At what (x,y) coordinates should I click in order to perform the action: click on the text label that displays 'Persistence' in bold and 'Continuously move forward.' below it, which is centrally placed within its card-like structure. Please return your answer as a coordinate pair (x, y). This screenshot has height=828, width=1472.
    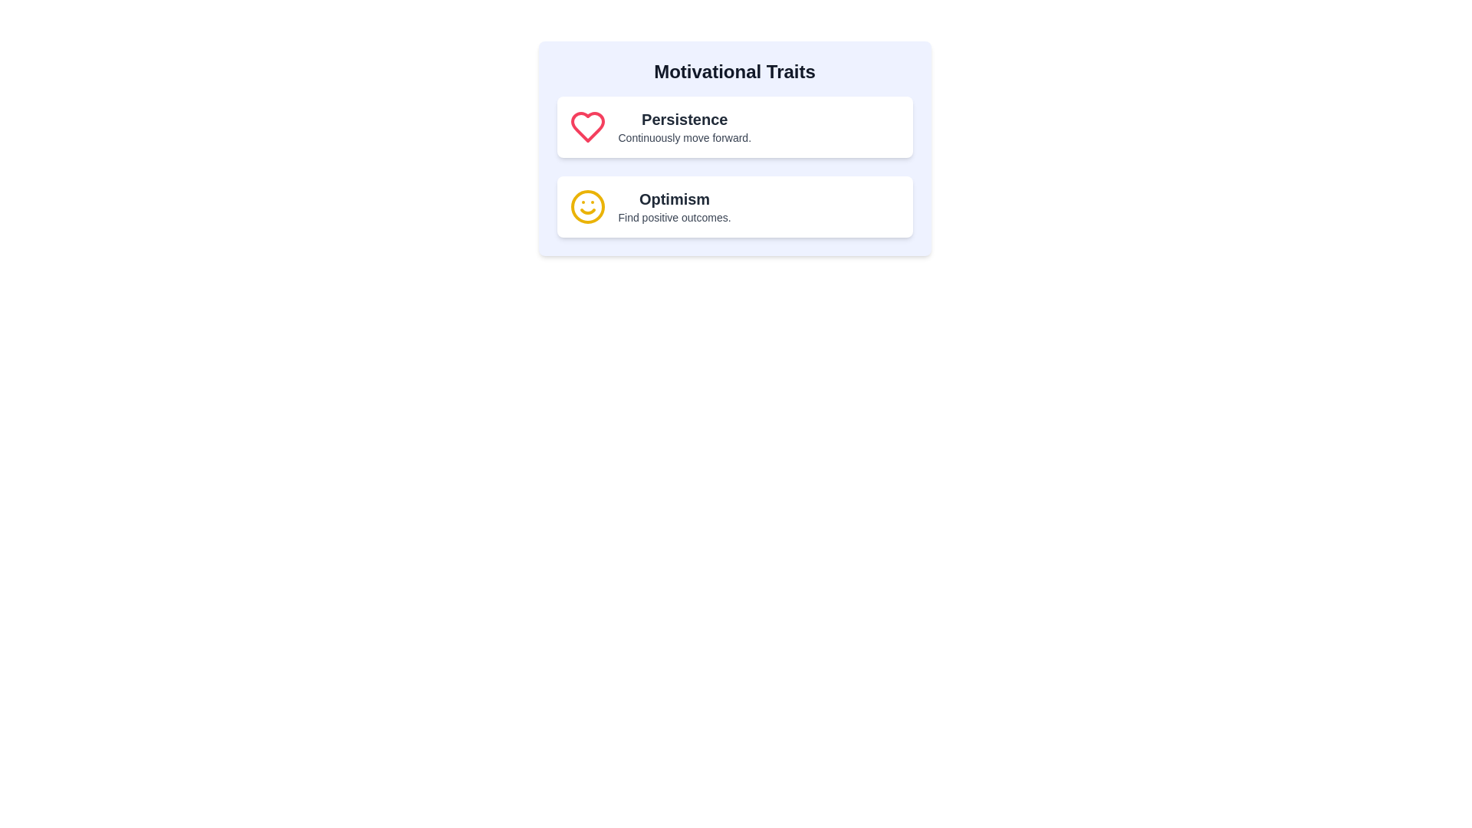
    Looking at the image, I should click on (684, 126).